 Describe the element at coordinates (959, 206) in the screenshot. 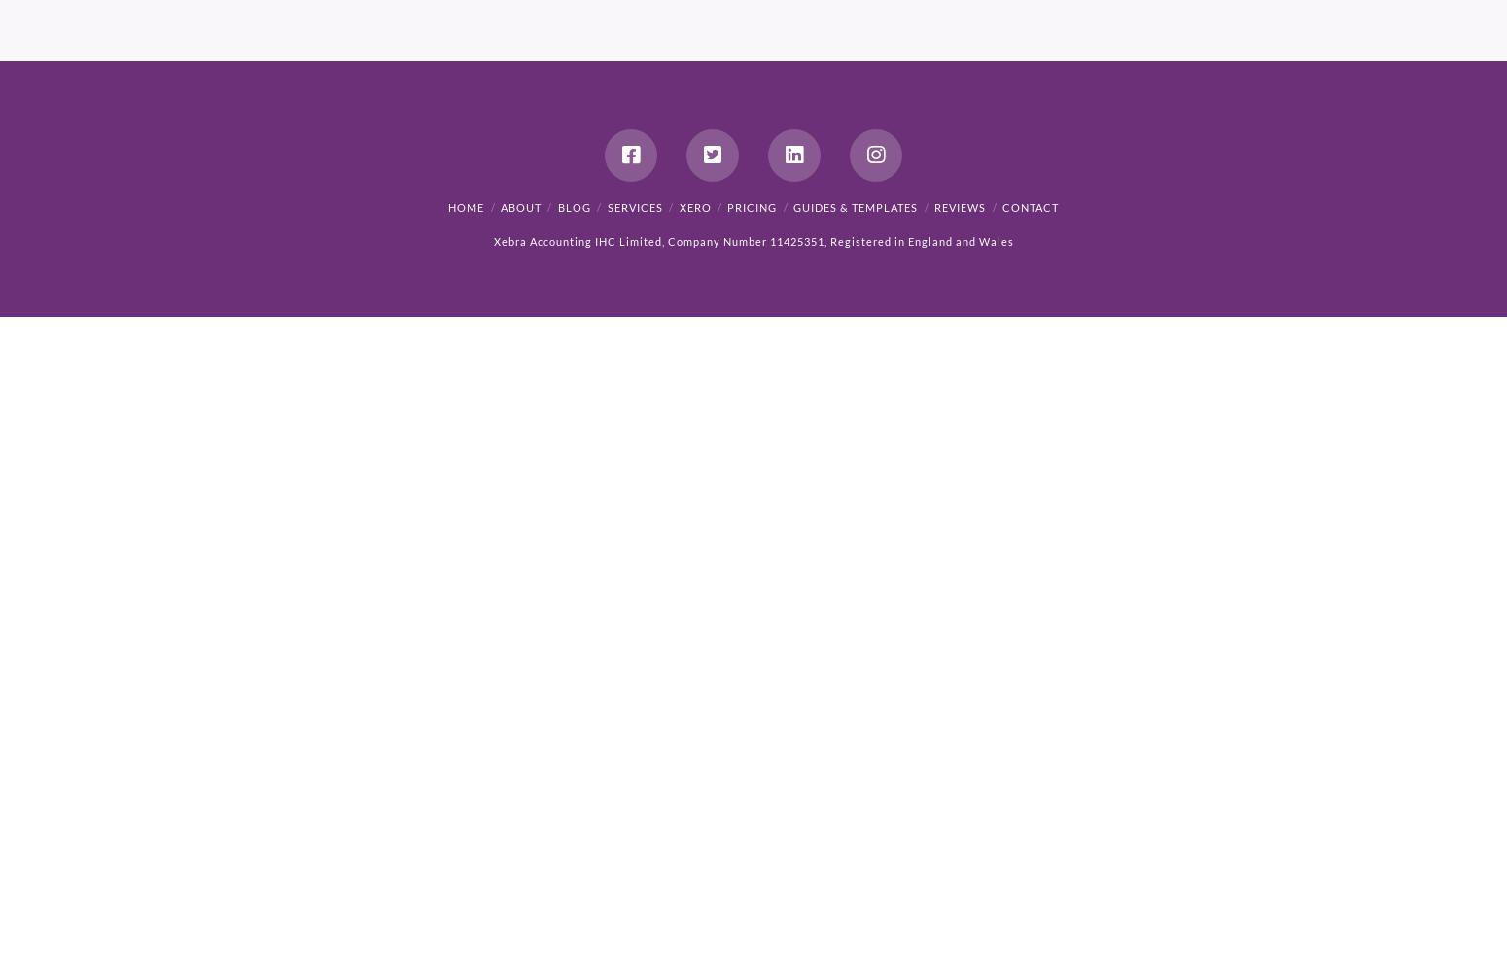

I see `'Reviews'` at that location.